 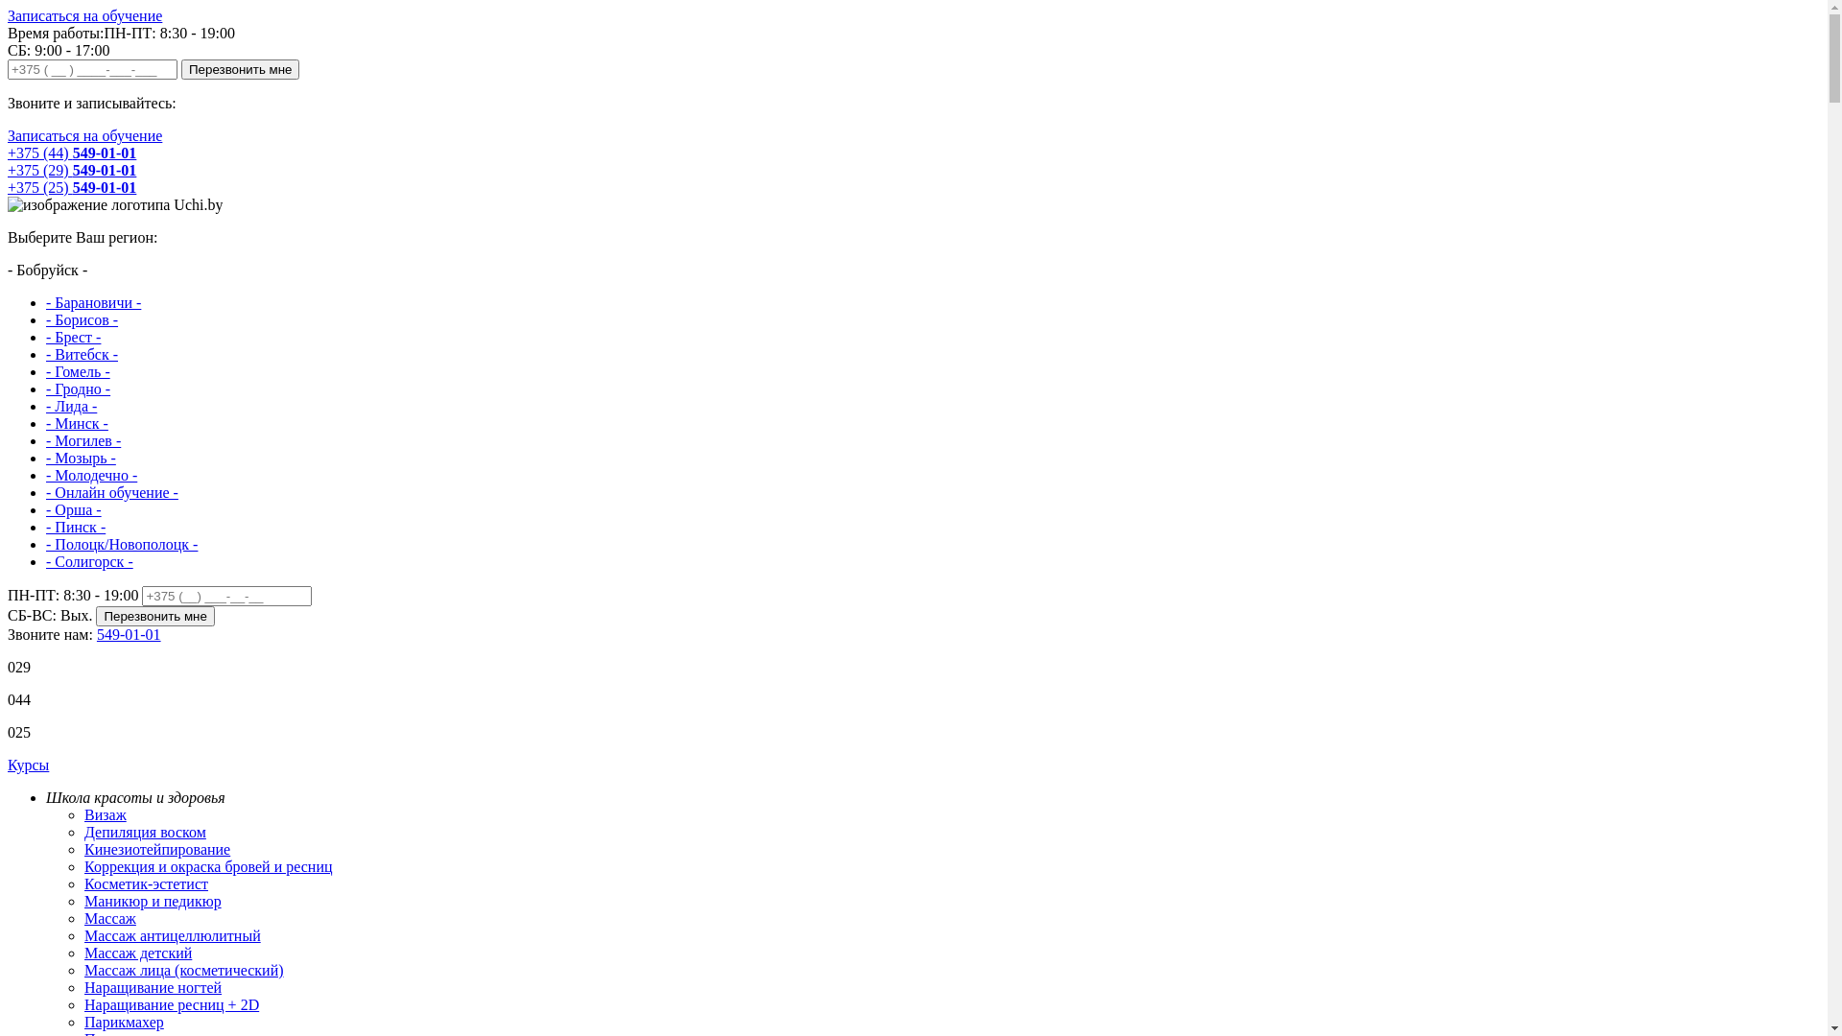 I want to click on '549-01-01', so click(x=128, y=634).